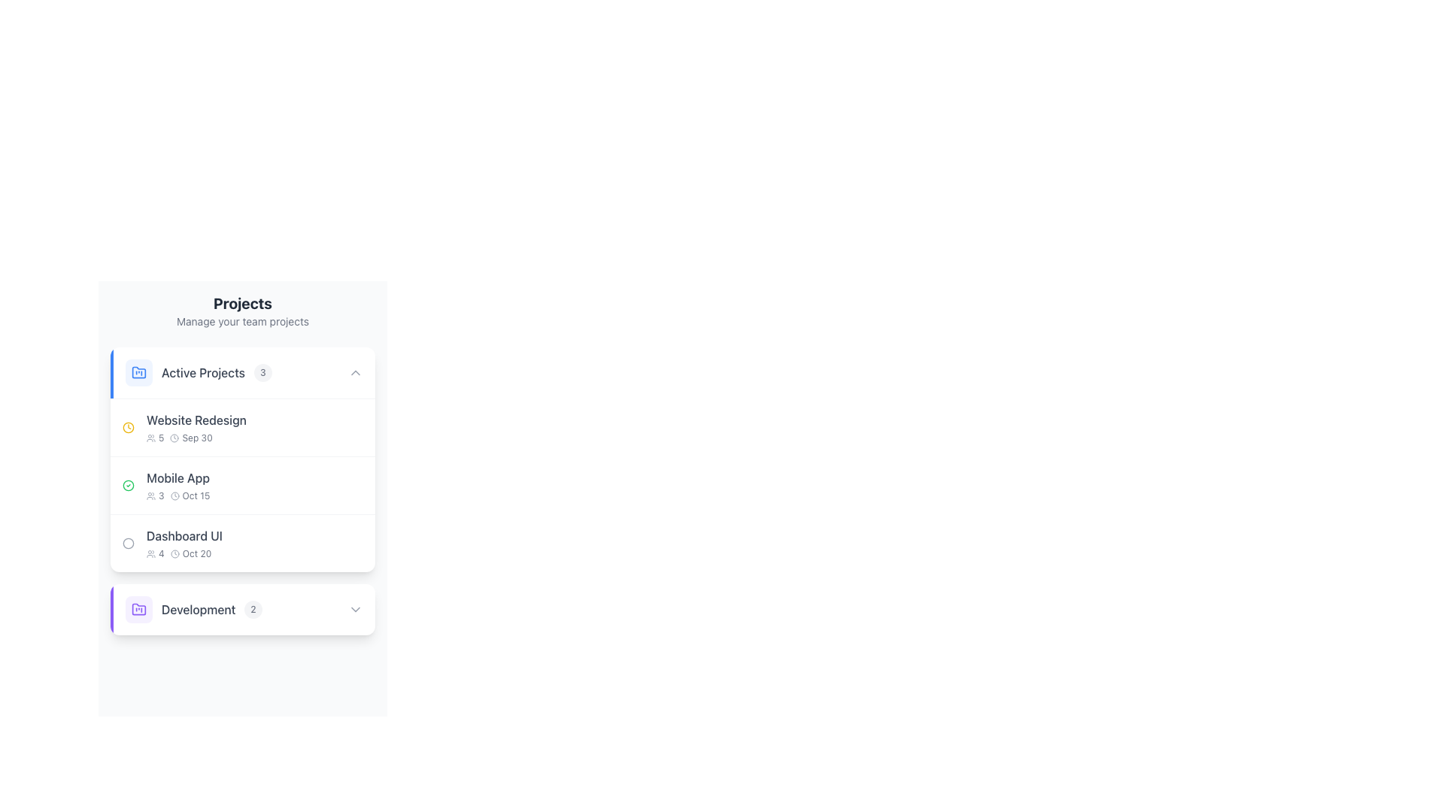 Image resolution: width=1444 pixels, height=812 pixels. What do you see at coordinates (178, 495) in the screenshot?
I see `displayed information from the active projects indicator that shows the number '3' and the date 'Oct 15' under the 'Mobile App' entry` at bounding box center [178, 495].